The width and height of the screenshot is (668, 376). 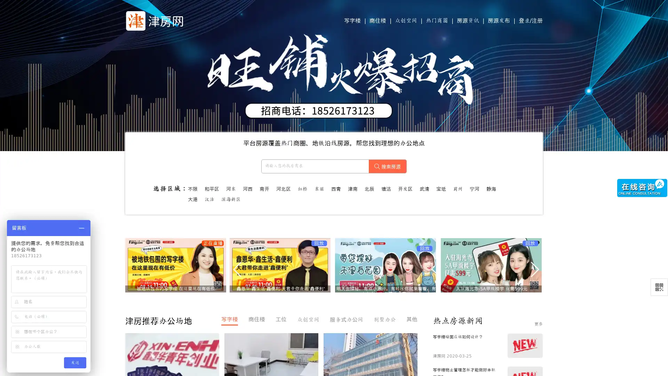 I want to click on Next slide, so click(x=534, y=268).